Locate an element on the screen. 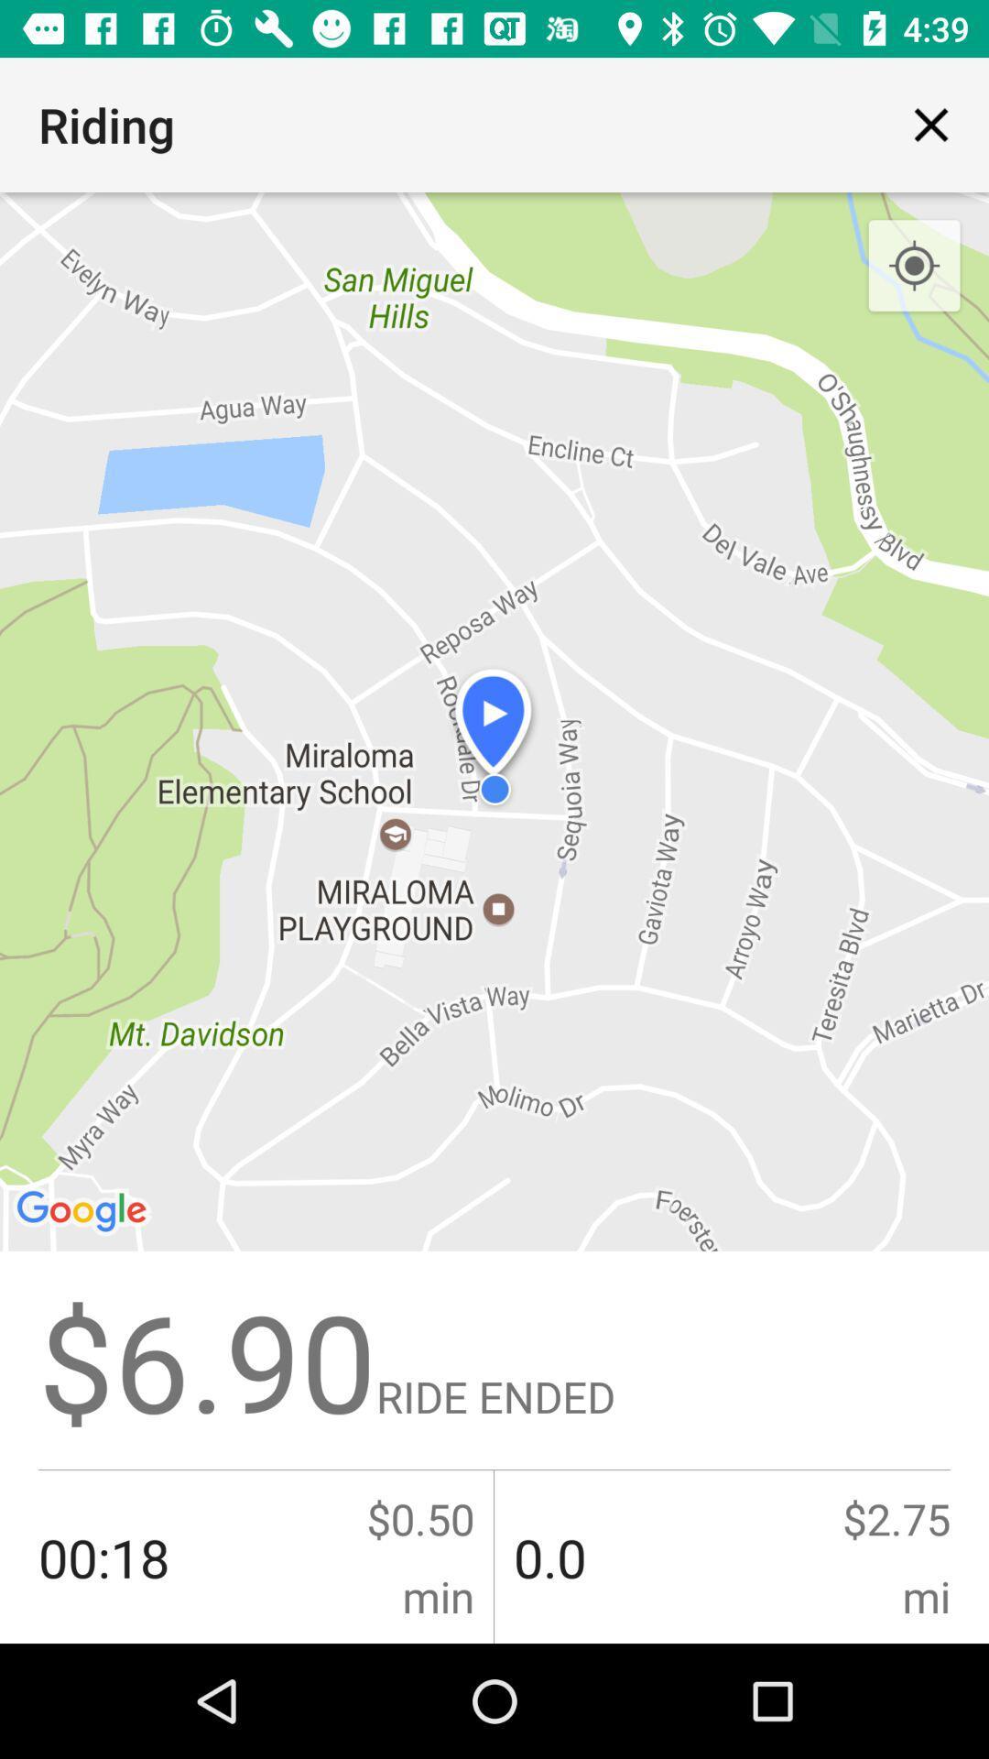 This screenshot has height=1759, width=989. icon next to the riding item is located at coordinates (931, 124).